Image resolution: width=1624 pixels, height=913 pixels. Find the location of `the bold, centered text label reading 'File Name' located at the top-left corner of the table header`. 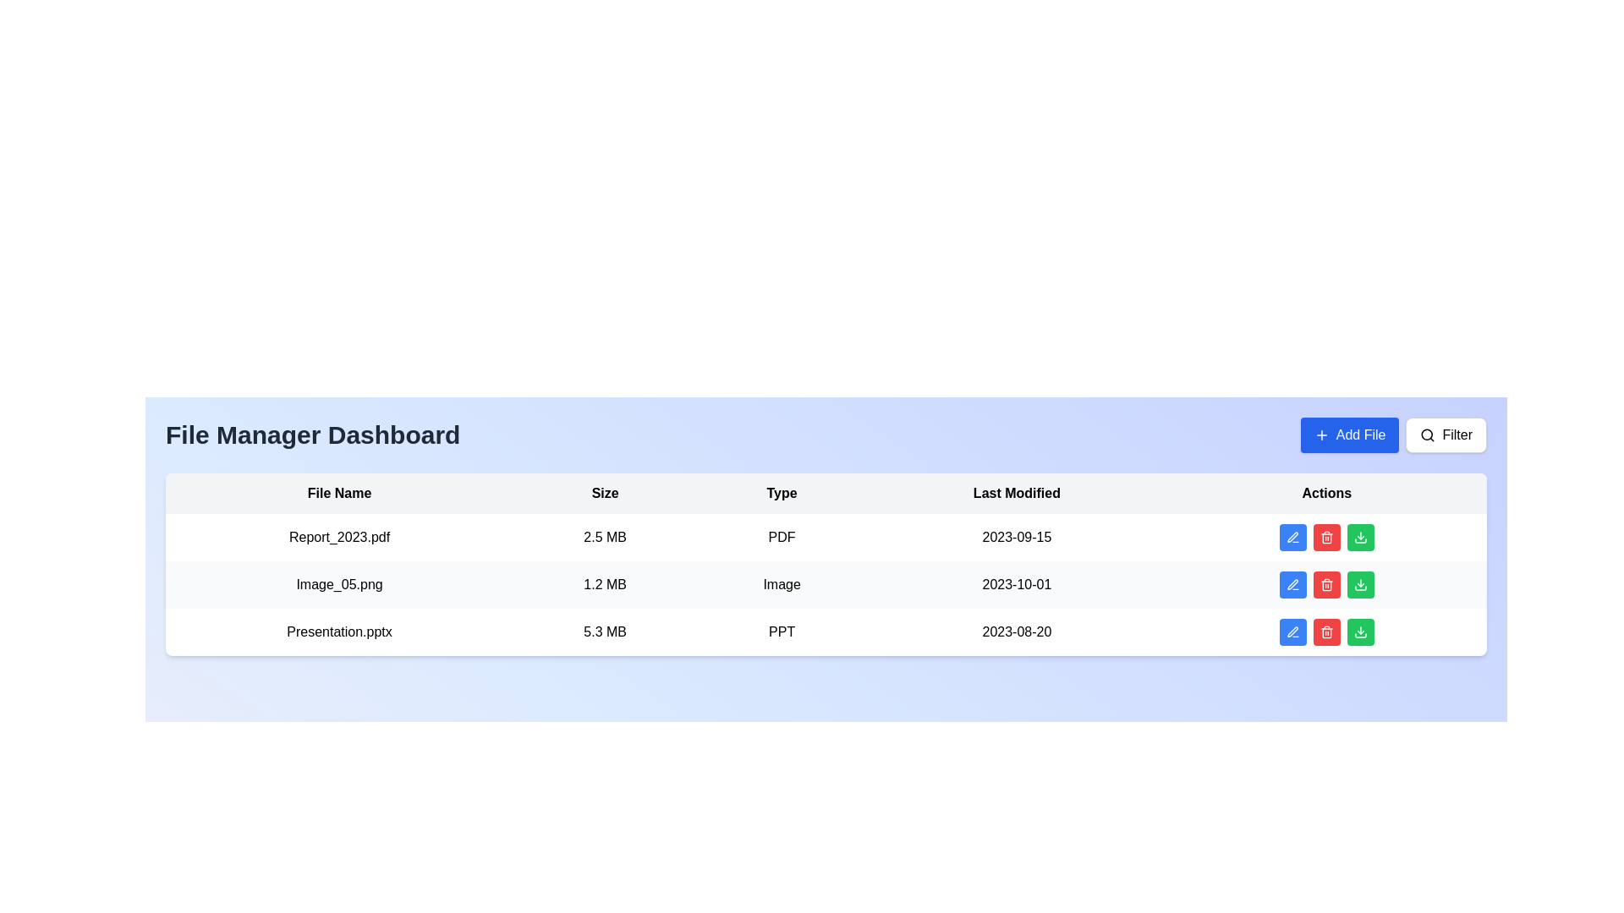

the bold, centered text label reading 'File Name' located at the top-left corner of the table header is located at coordinates (338, 493).